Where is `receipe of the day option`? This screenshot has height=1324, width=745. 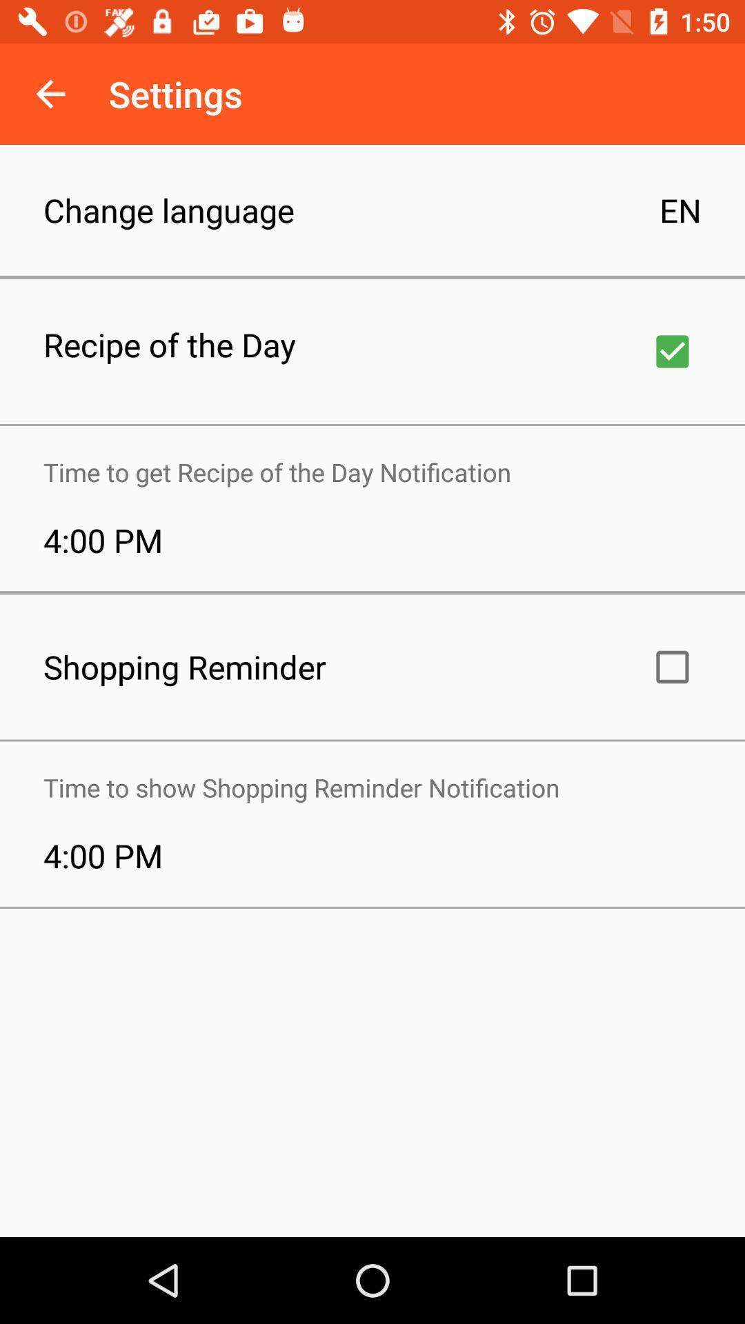
receipe of the day option is located at coordinates (672, 351).